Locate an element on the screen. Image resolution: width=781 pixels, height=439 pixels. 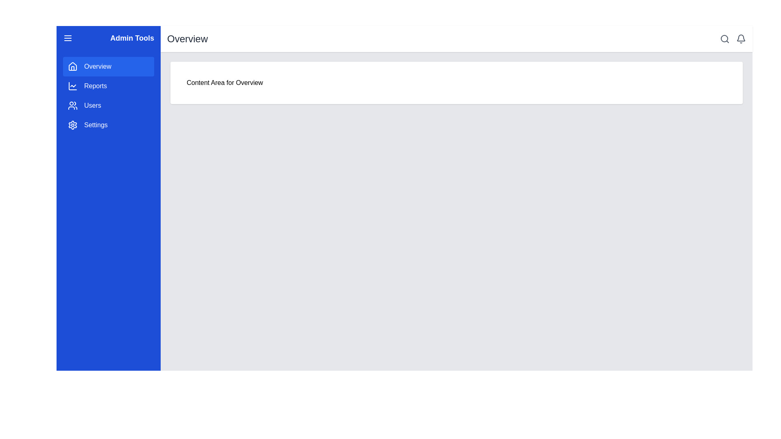
the first navigation button in the blue sidebar is located at coordinates (108, 66).